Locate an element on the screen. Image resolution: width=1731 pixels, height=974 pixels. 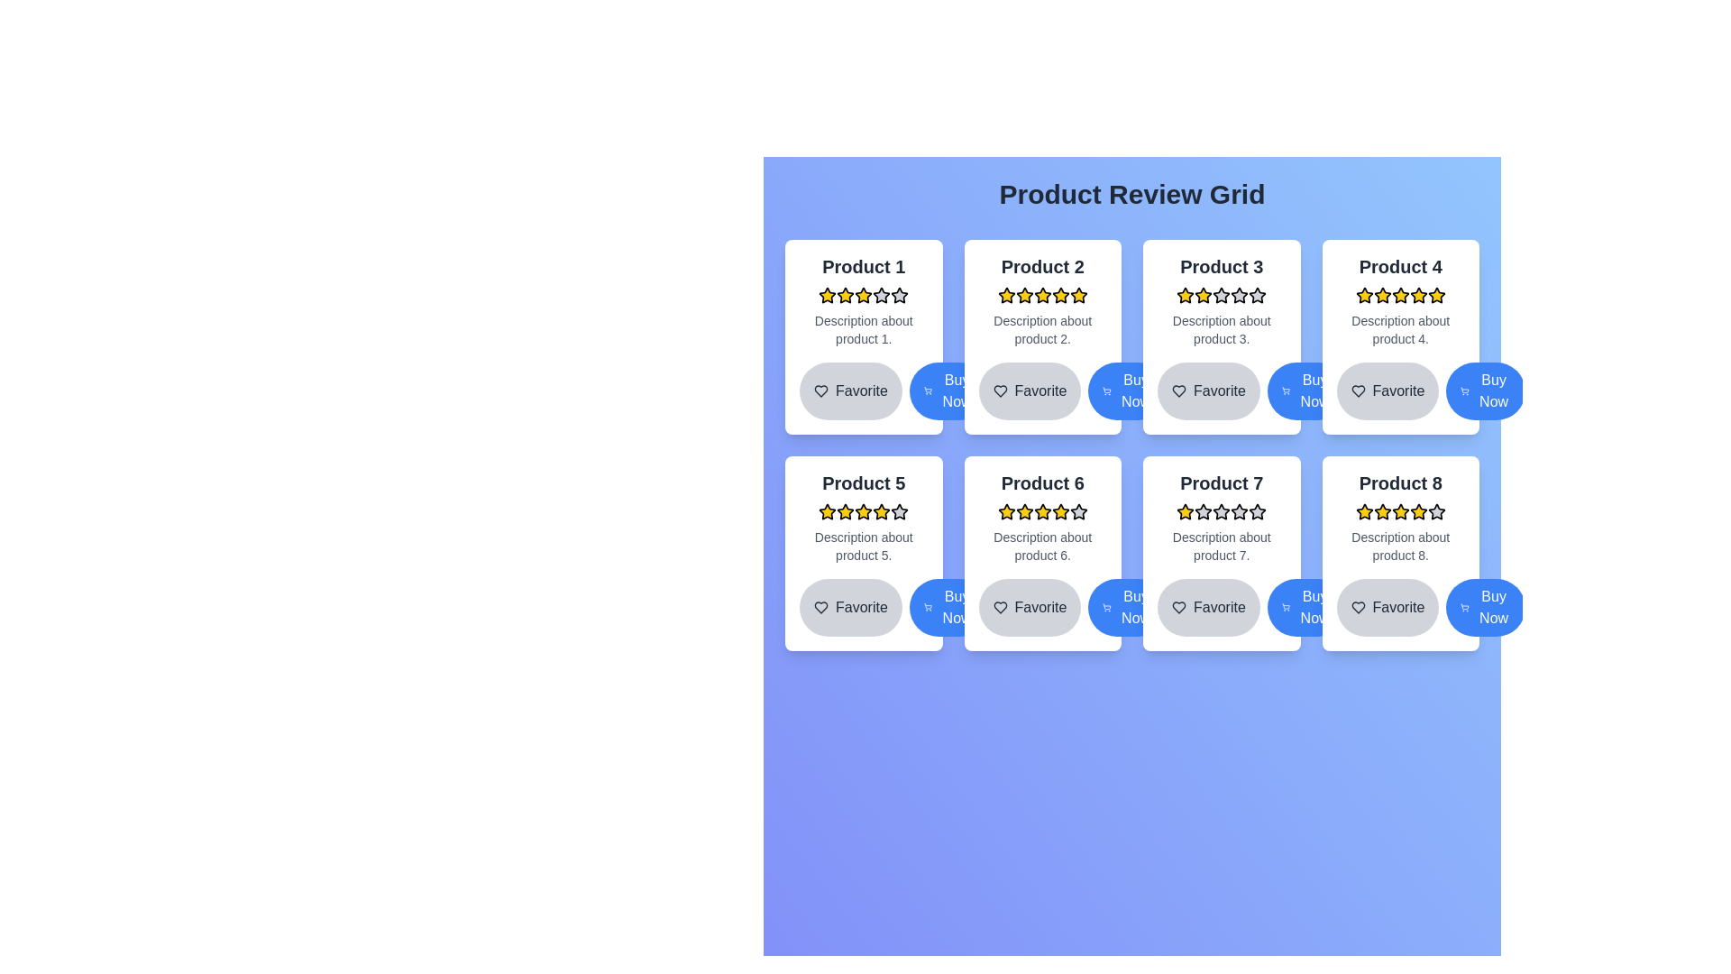
the first star icon in the five-star rating system for 'Product 4', located in the second row and fourth column of the product grid is located at coordinates (1364, 294).